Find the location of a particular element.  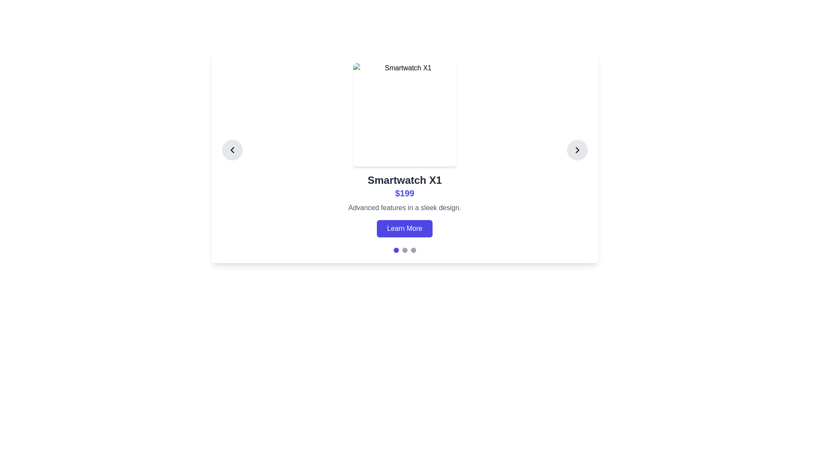

source of the square image with rounded corners and a shadow effect, located at the top of the product details layout is located at coordinates (404, 114).